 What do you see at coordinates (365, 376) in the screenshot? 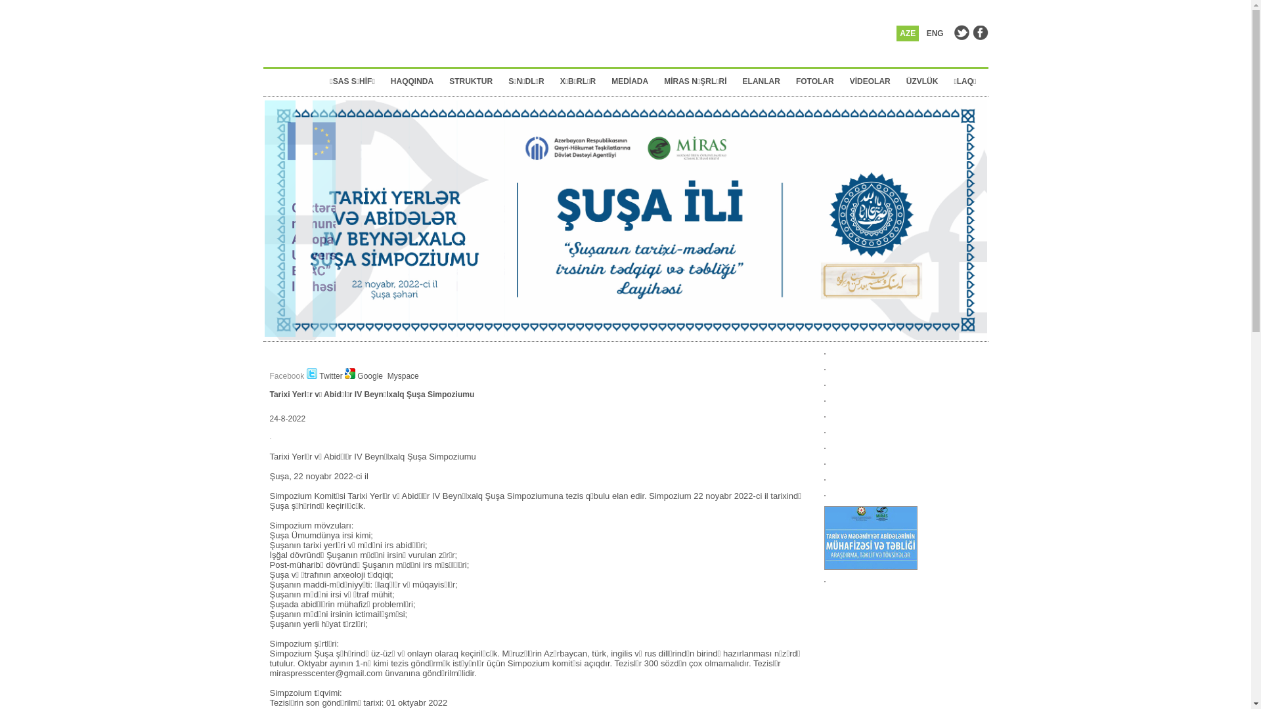
I see `'Google'` at bounding box center [365, 376].